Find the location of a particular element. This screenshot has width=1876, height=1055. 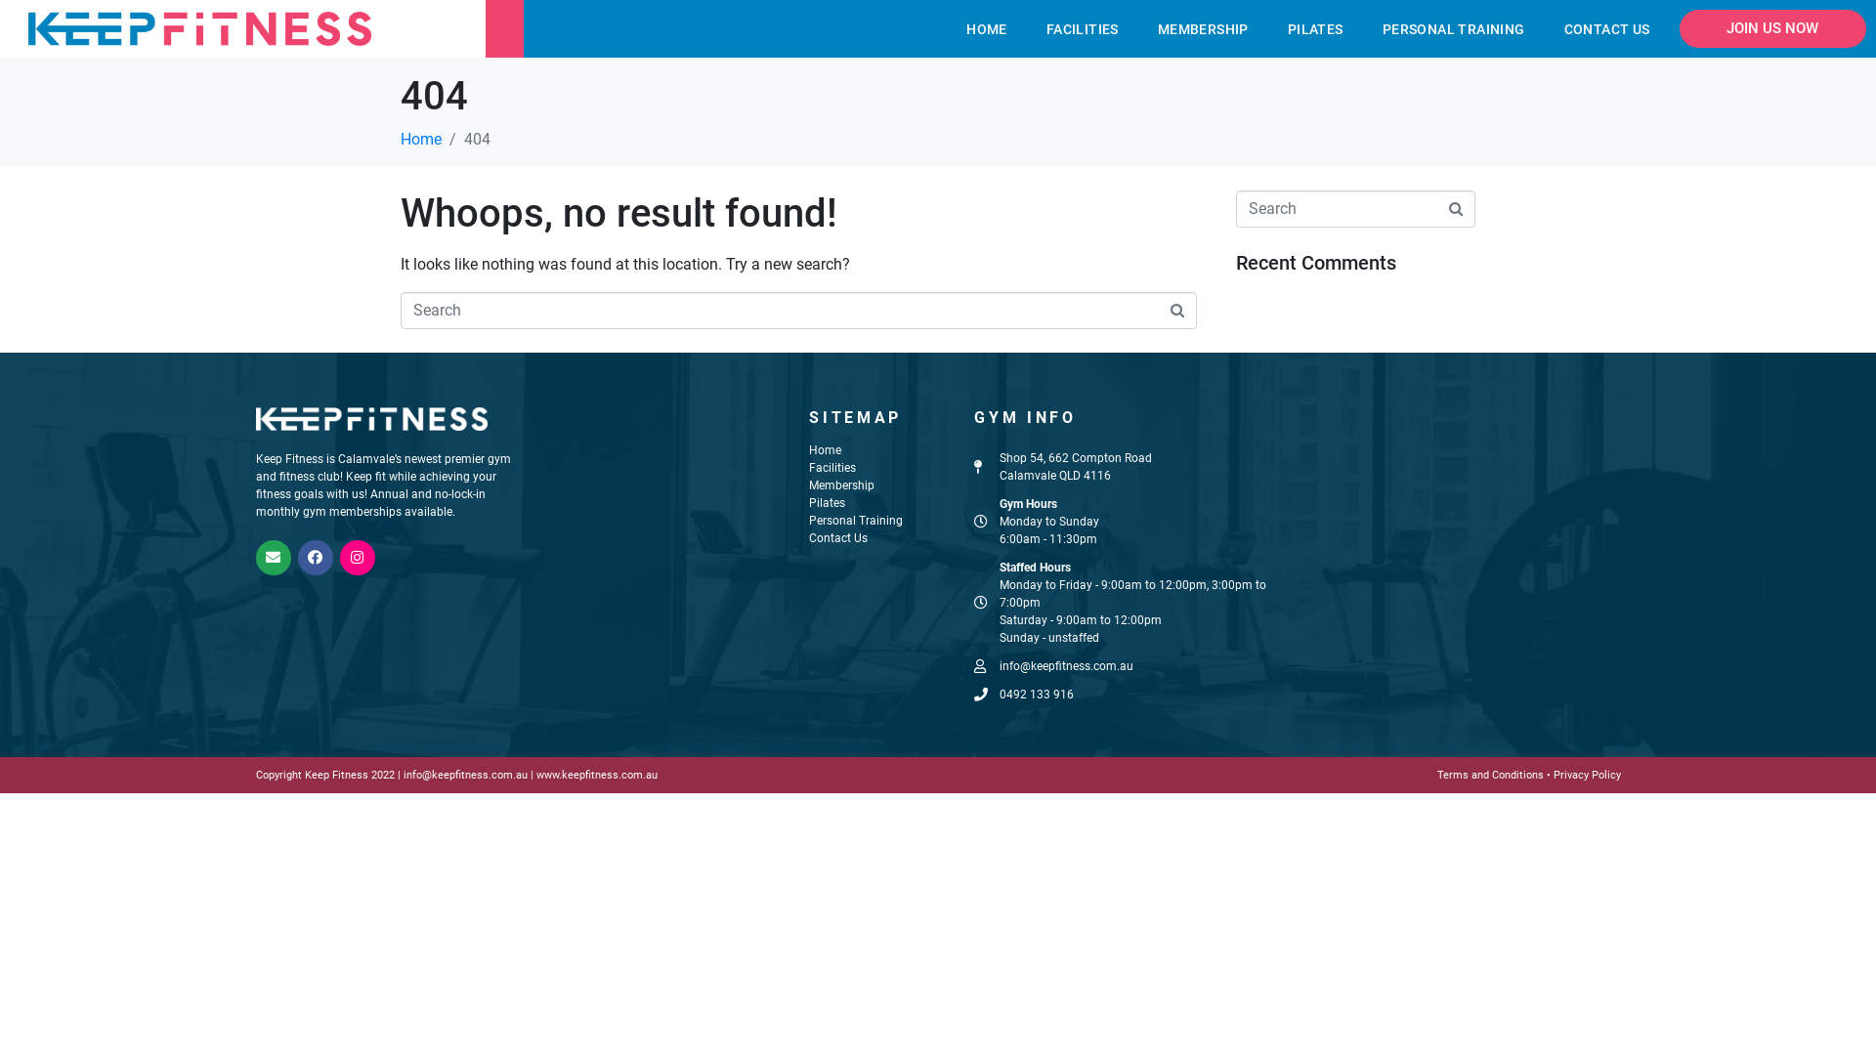

'Membership' is located at coordinates (841, 485).